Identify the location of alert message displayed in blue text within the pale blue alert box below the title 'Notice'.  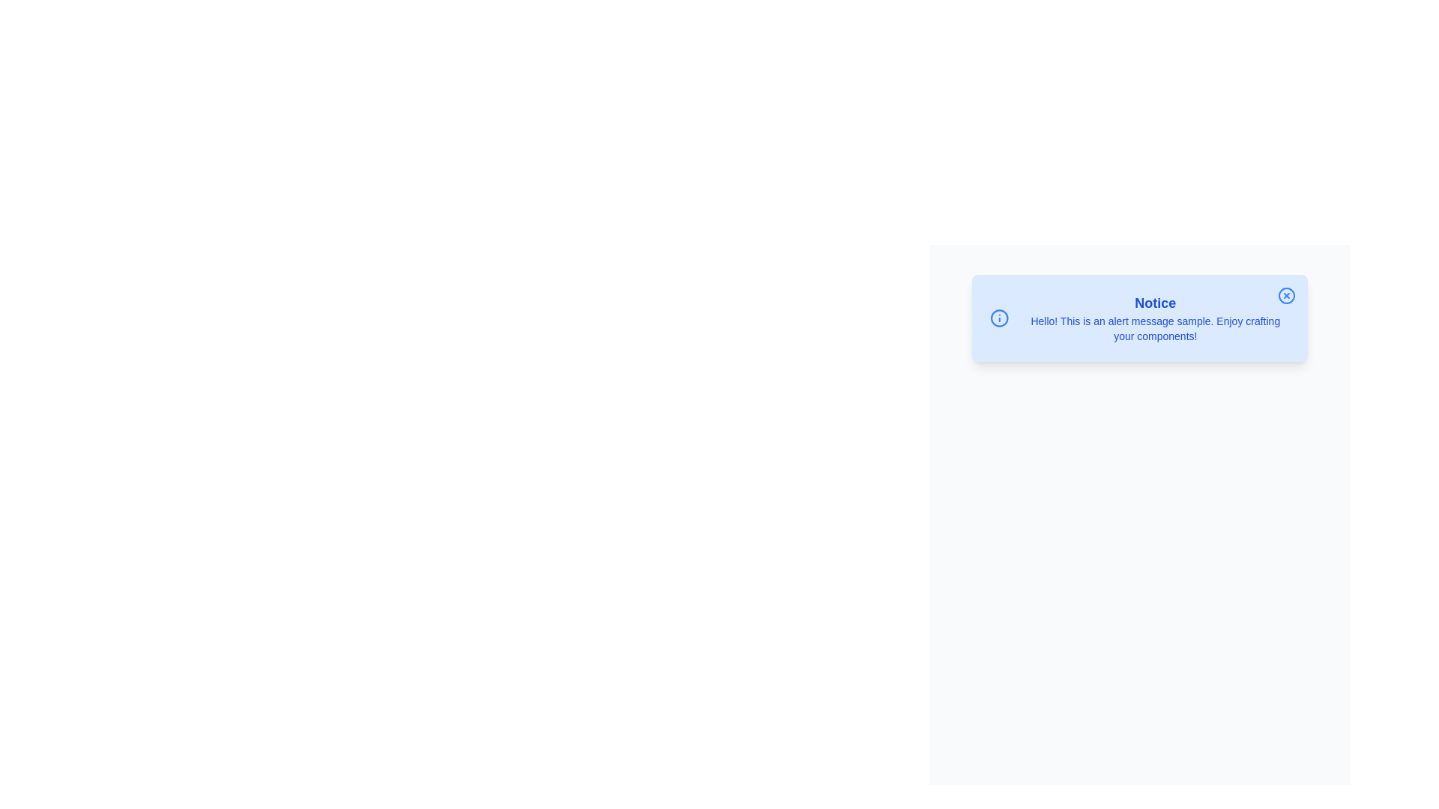
(1154, 328).